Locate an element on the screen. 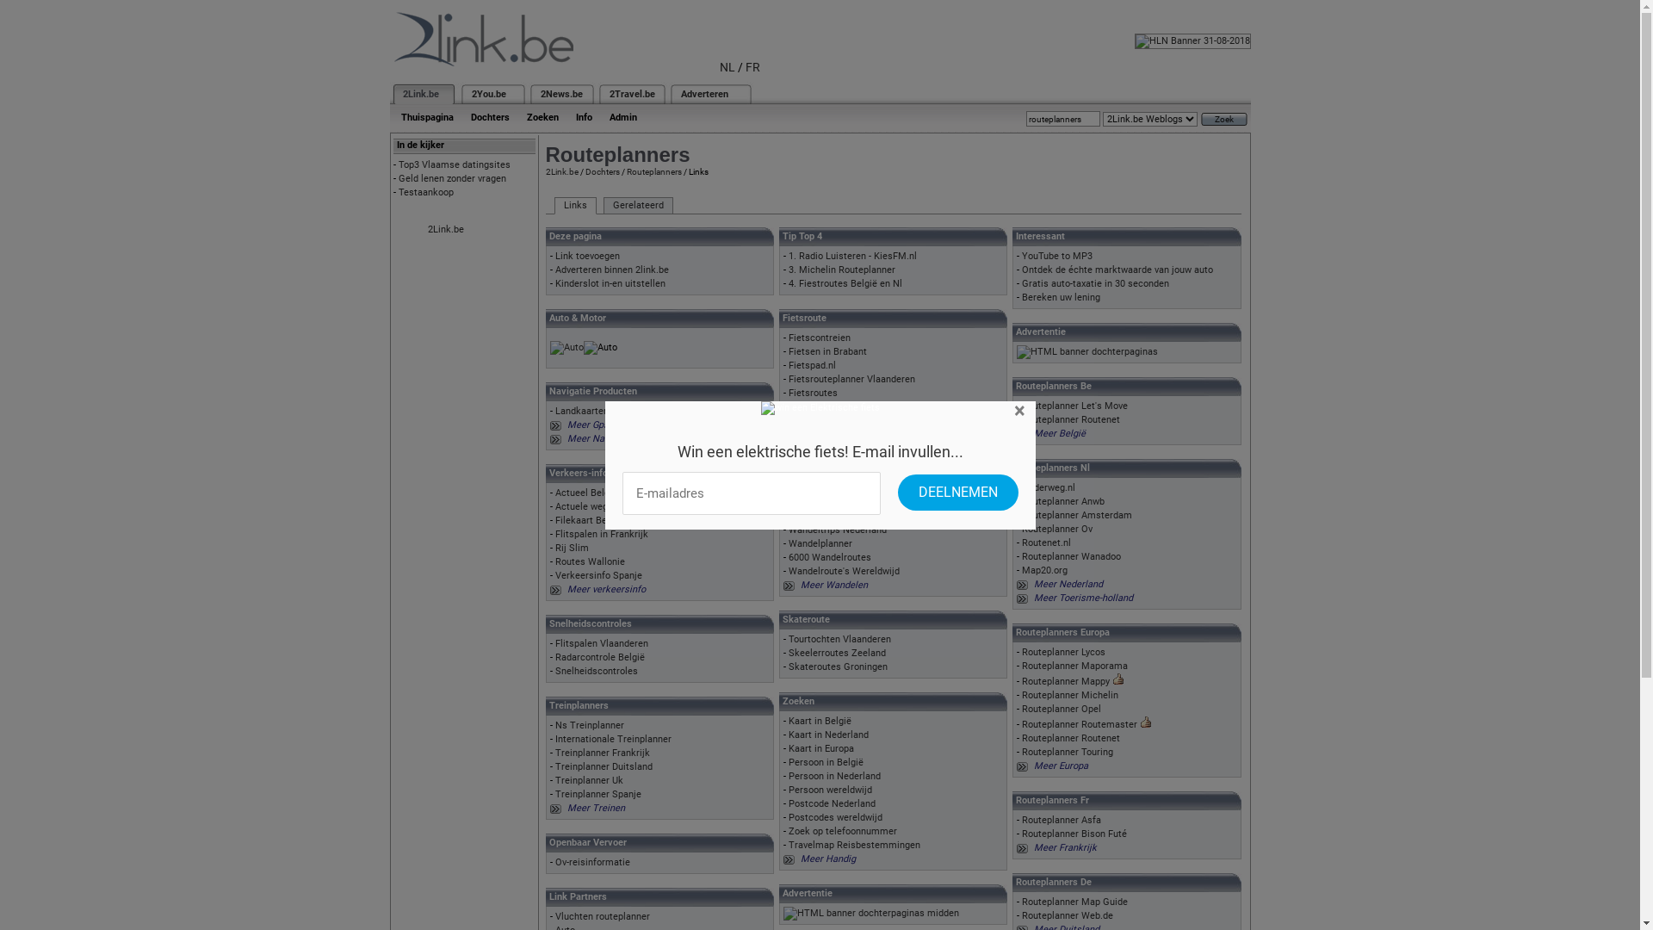 The image size is (1653, 930). 'Routeplanner Let's Move' is located at coordinates (1074, 406).